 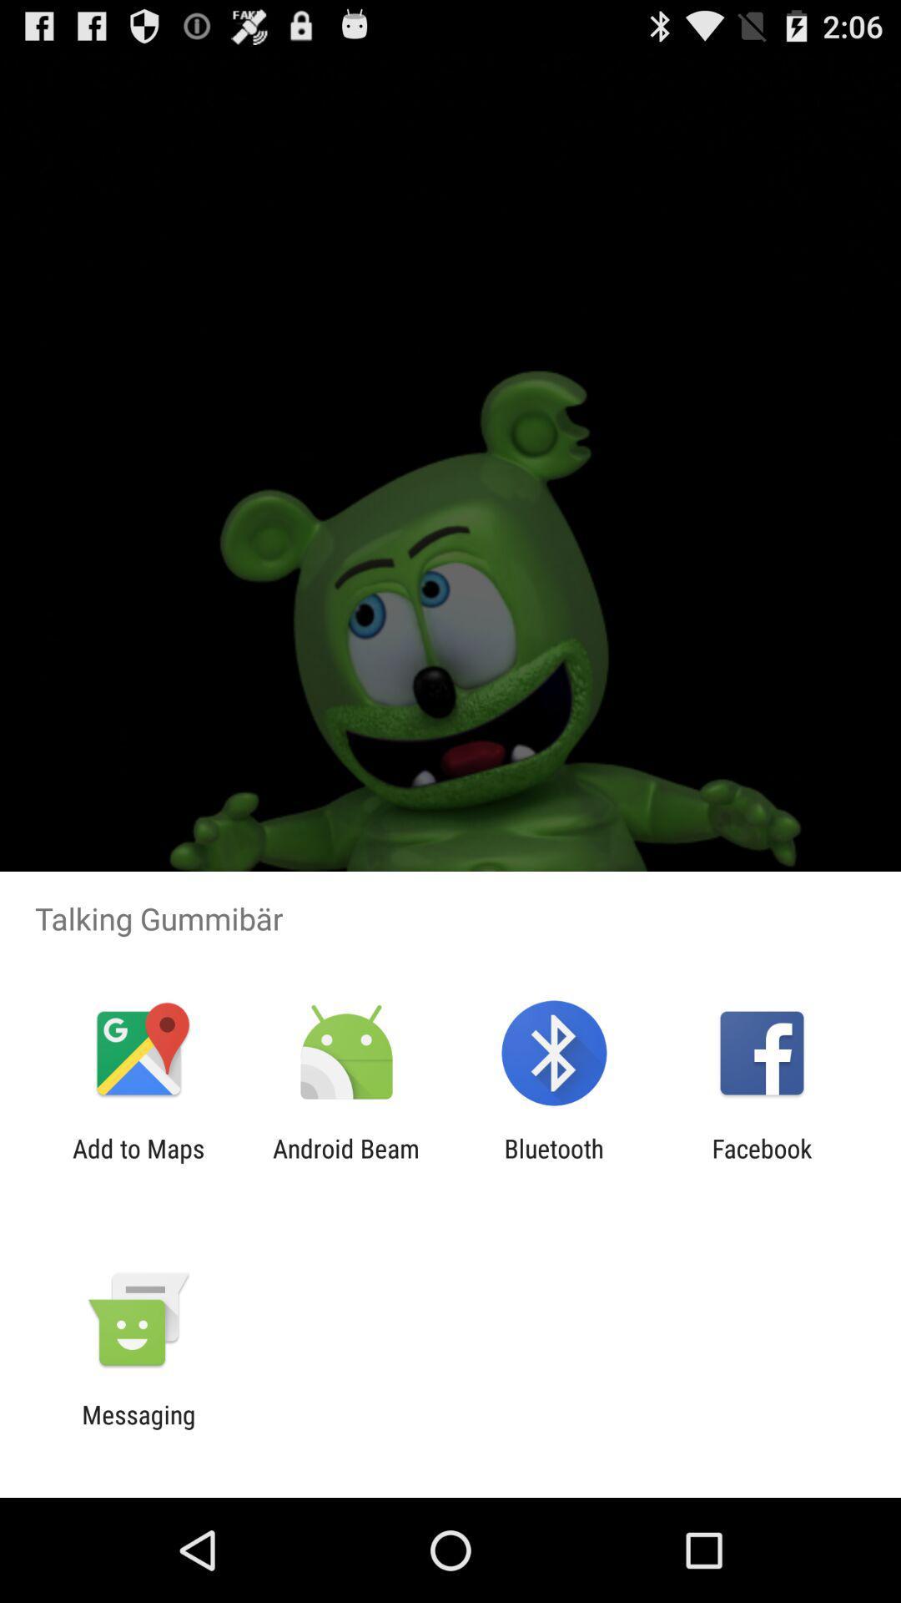 I want to click on item next to add to maps app, so click(x=345, y=1162).